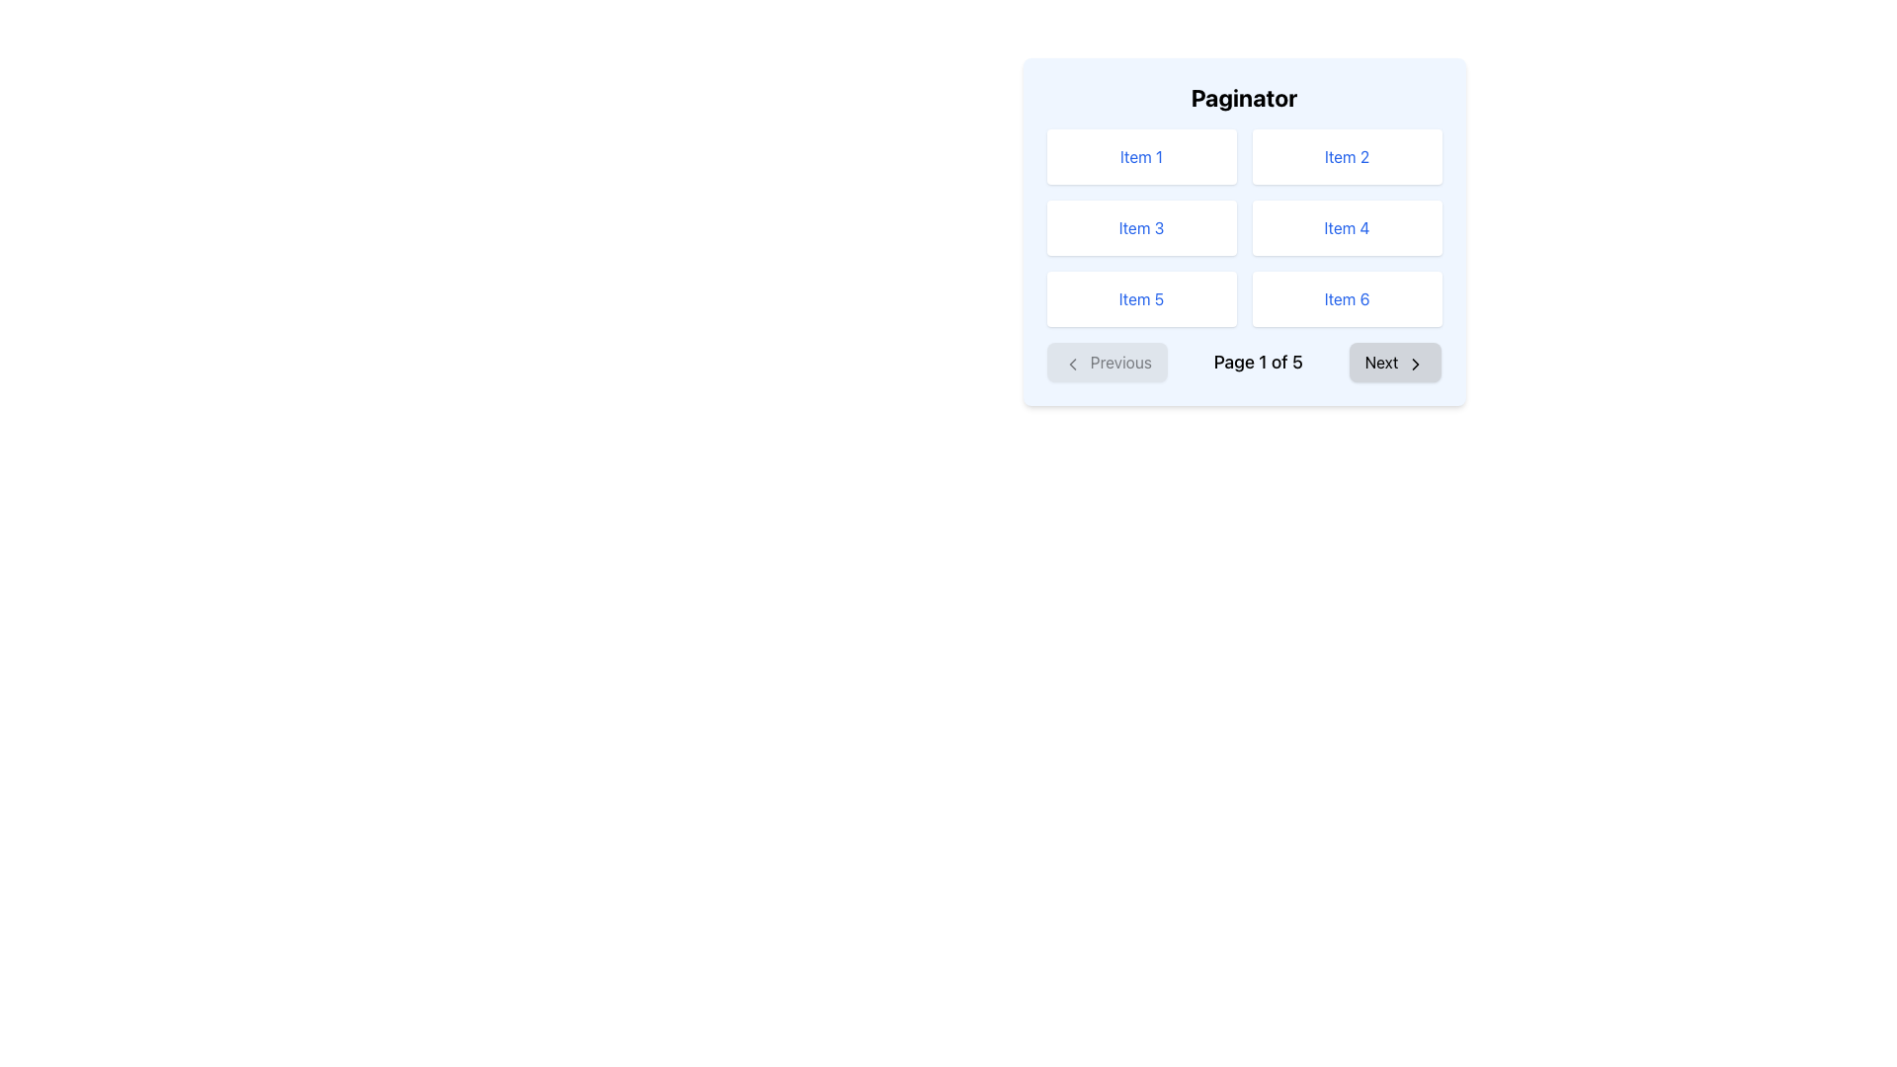 The width and height of the screenshot is (1897, 1067). What do you see at coordinates (1107, 362) in the screenshot?
I see `the previous page button, which is the first button in the paginator panel located at the bottom-left corner` at bounding box center [1107, 362].